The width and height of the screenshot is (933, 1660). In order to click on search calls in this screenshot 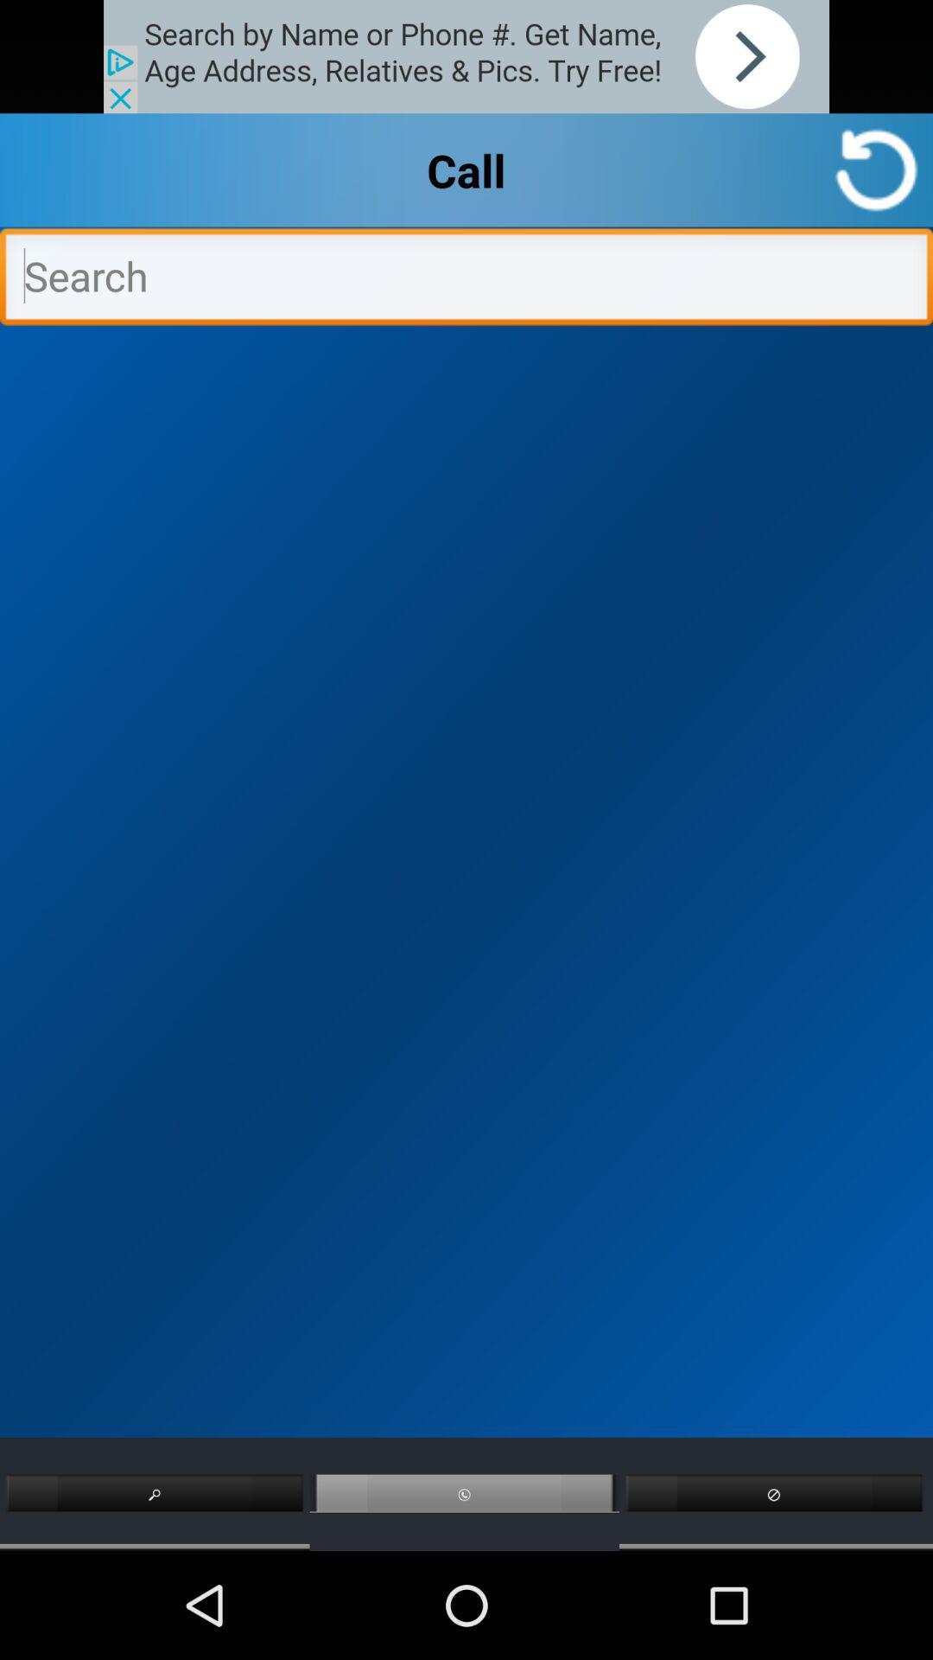, I will do `click(466, 281)`.